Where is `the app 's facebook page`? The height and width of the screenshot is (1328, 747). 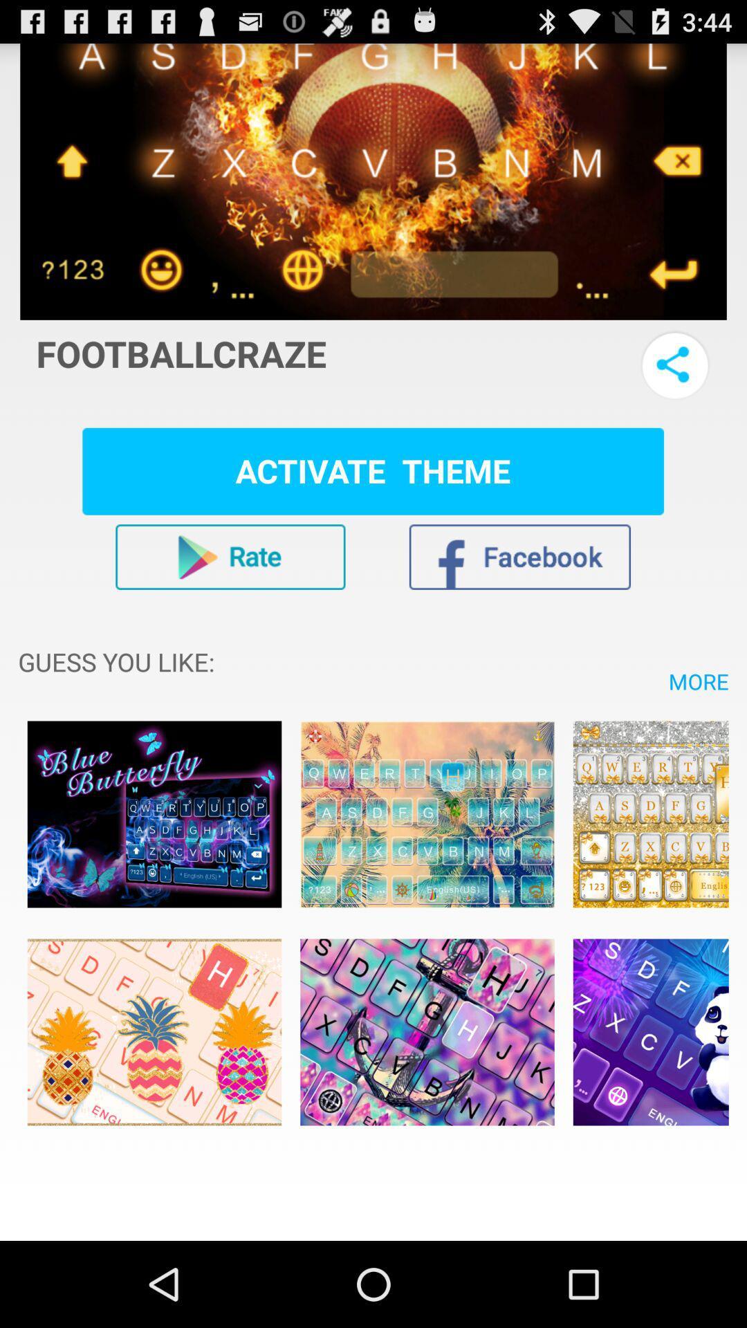 the app 's facebook page is located at coordinates (519, 557).